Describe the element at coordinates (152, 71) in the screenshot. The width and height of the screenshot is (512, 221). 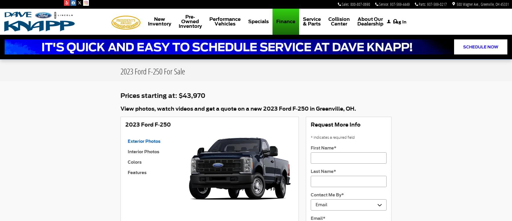
I see `'2023 Ford F-250 For Sale'` at that location.